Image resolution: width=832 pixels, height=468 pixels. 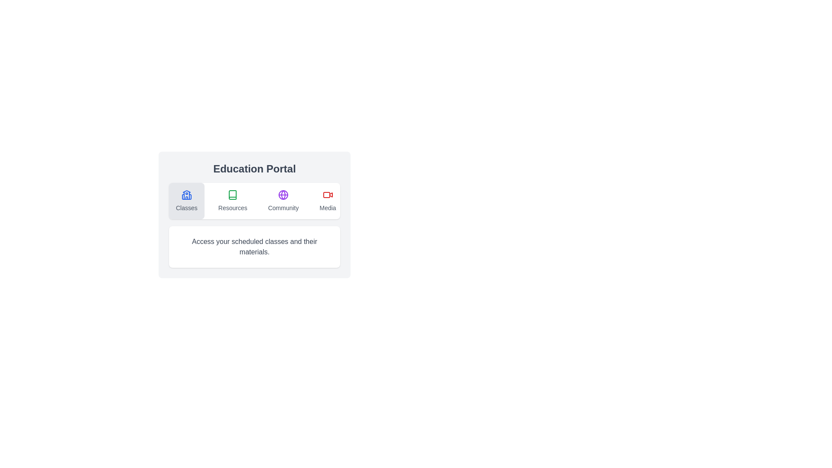 I want to click on the Classes tab, so click(x=186, y=201).